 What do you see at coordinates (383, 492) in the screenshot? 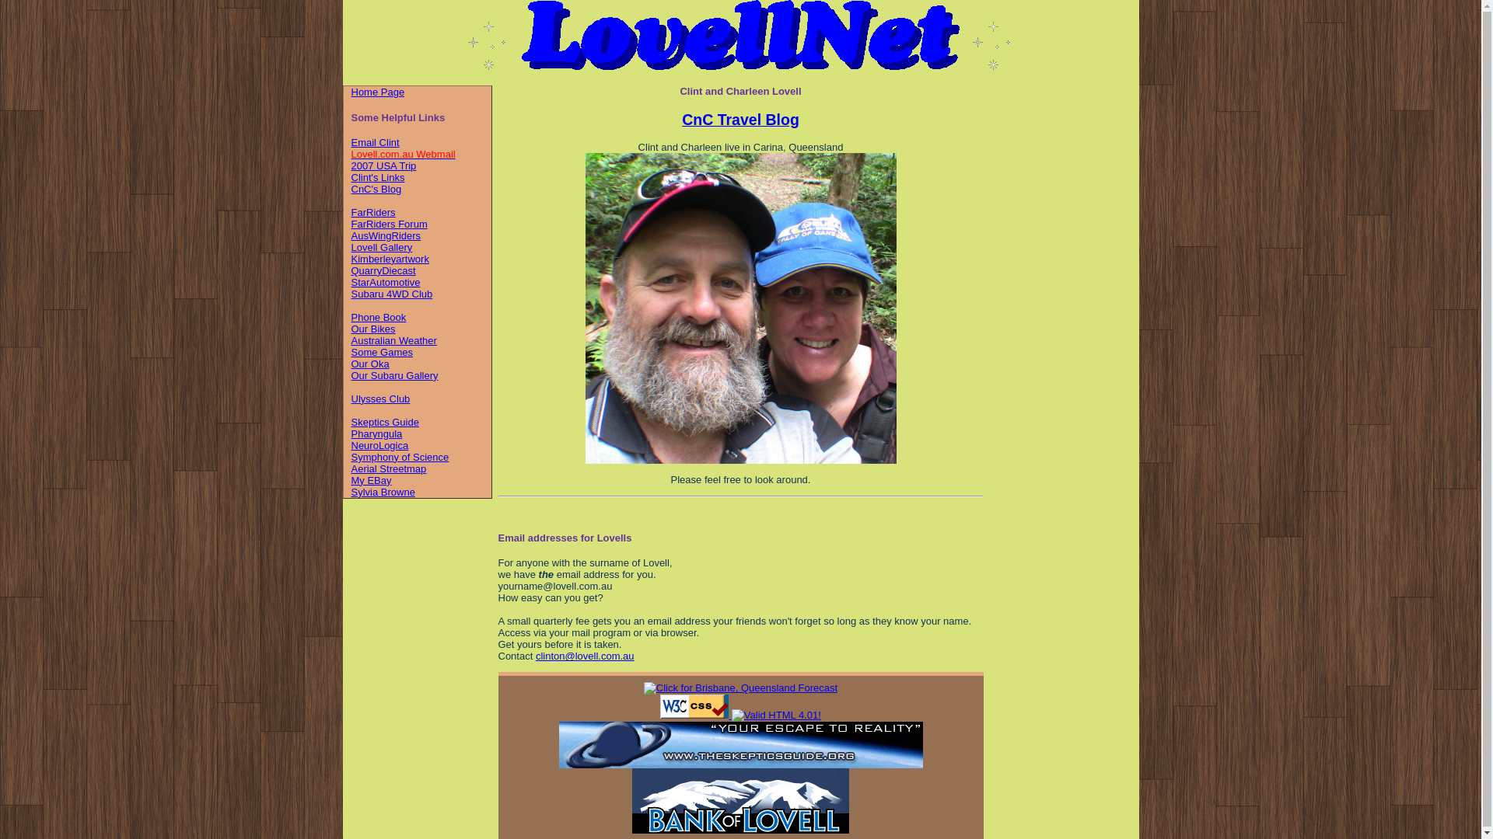
I see `'Sylvia Browne'` at bounding box center [383, 492].